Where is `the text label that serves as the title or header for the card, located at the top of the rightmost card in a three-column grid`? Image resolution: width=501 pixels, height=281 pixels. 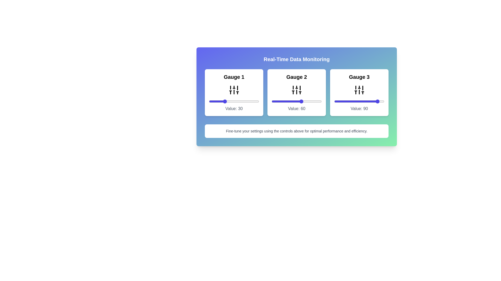
the text label that serves as the title or header for the card, located at the top of the rightmost card in a three-column grid is located at coordinates (359, 77).